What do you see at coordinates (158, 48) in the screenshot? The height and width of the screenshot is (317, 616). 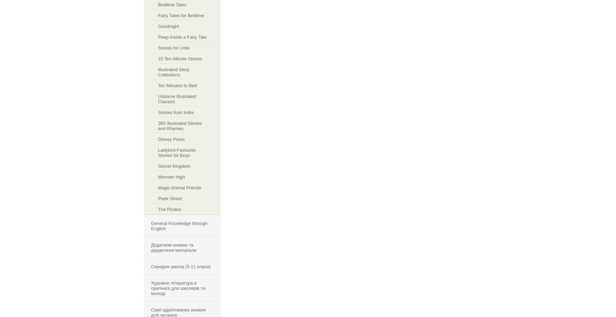 I see `'Stories for Little'` at bounding box center [158, 48].